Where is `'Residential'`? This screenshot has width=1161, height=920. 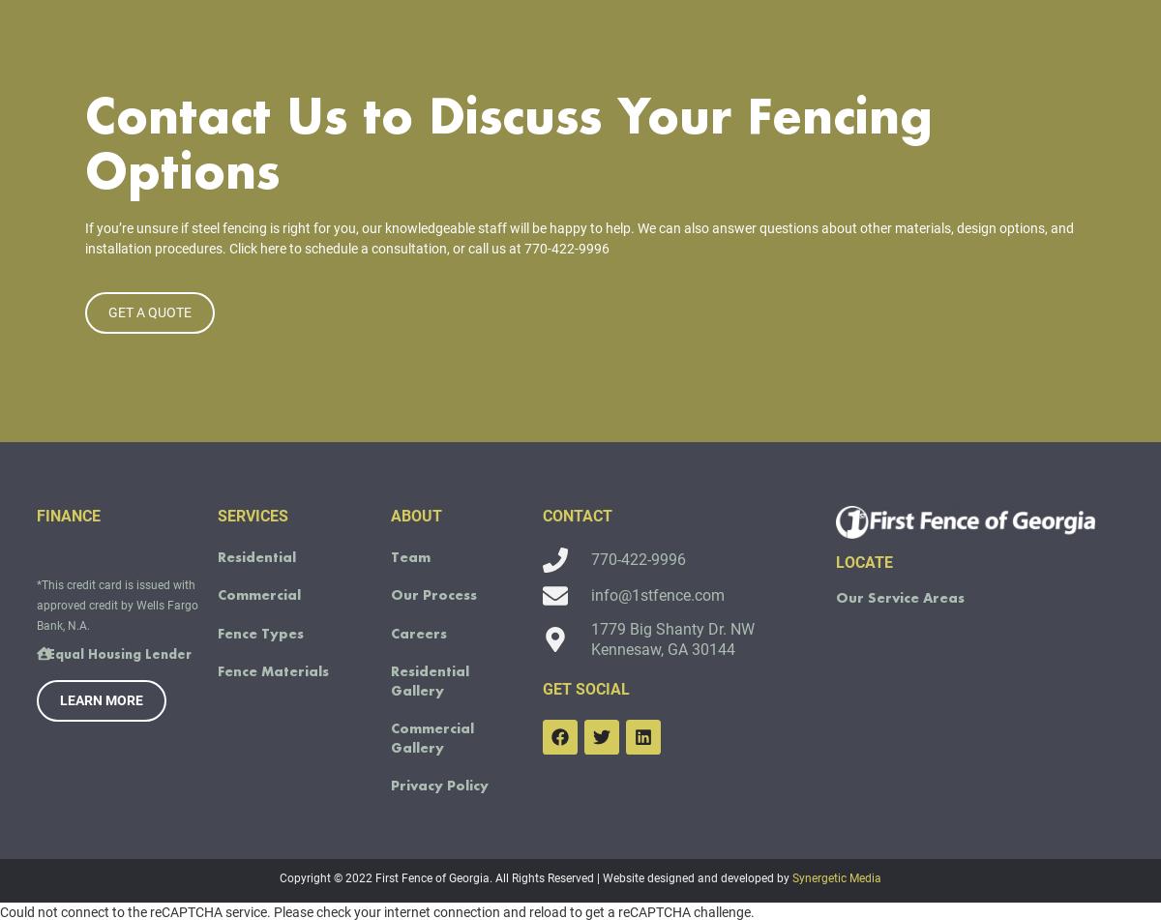
'Residential' is located at coordinates (255, 582).